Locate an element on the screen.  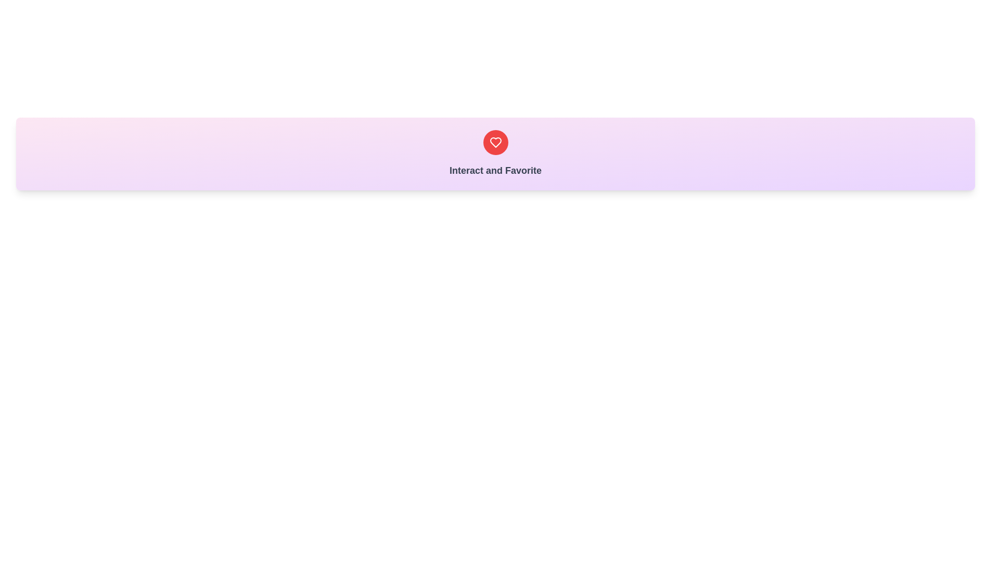
the favorite button, which is positioned above the text label 'Interact and Favorite' is located at coordinates (495, 142).